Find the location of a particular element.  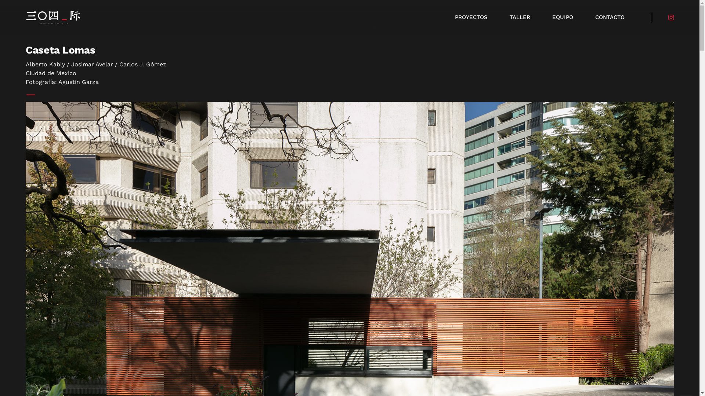

'CONTACTO' is located at coordinates (610, 17).